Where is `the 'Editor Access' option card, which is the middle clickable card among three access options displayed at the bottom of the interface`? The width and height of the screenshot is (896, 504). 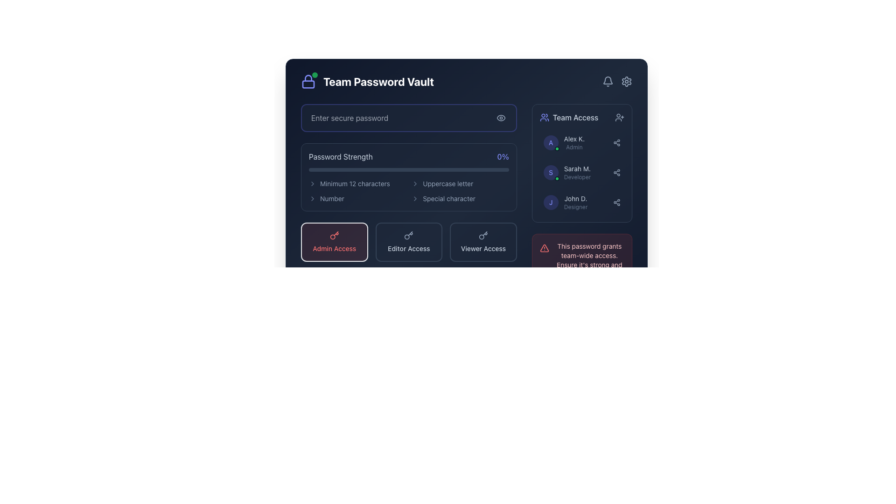 the 'Editor Access' option card, which is the middle clickable card among three access options displayed at the bottom of the interface is located at coordinates (409, 242).